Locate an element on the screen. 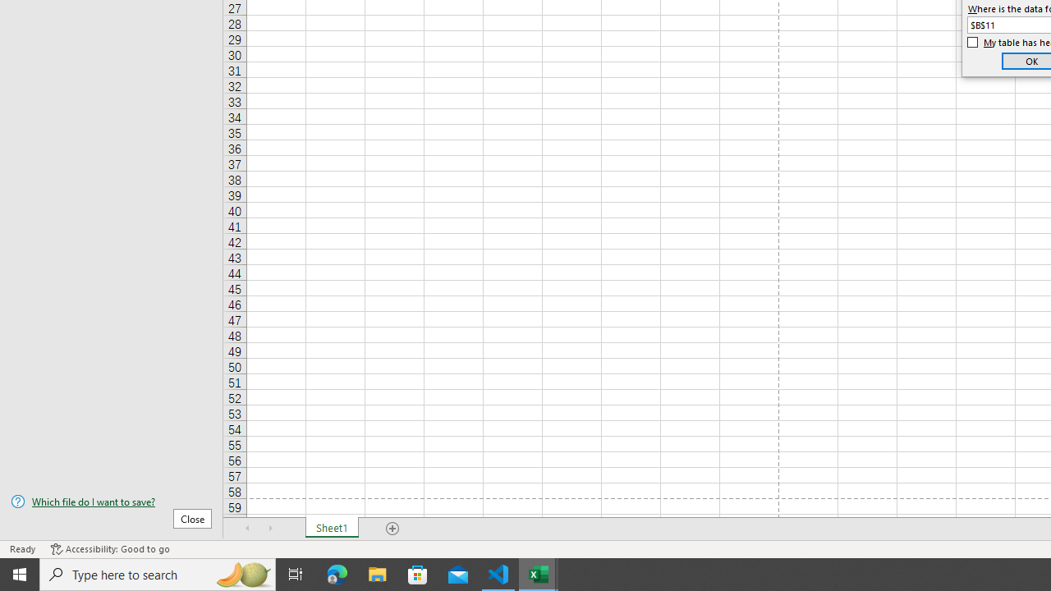 This screenshot has width=1051, height=591. 'Add Sheet' is located at coordinates (392, 529).